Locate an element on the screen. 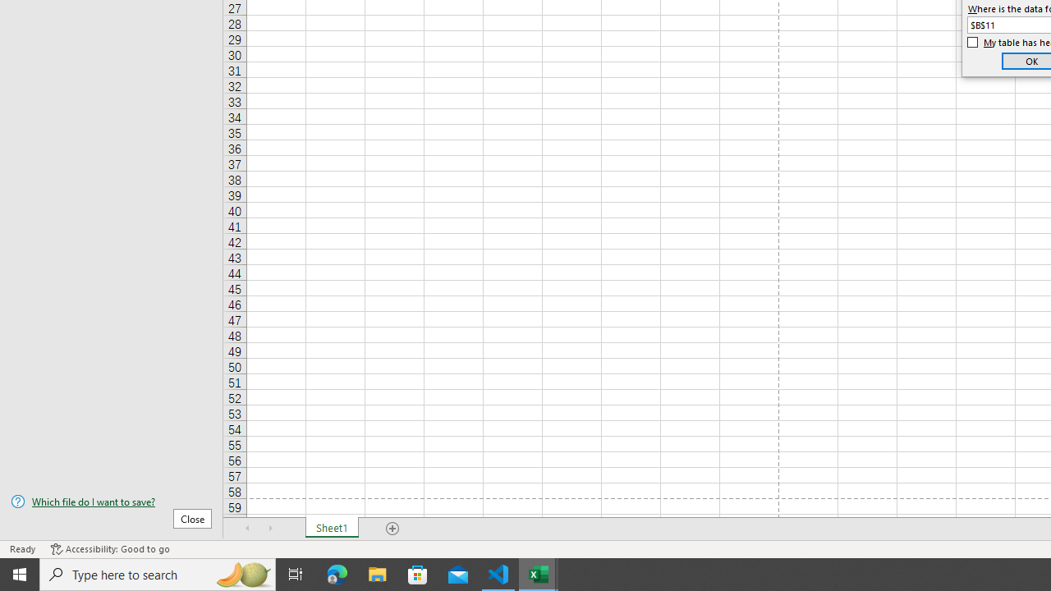 This screenshot has width=1051, height=591. 'Add Sheet' is located at coordinates (392, 529).